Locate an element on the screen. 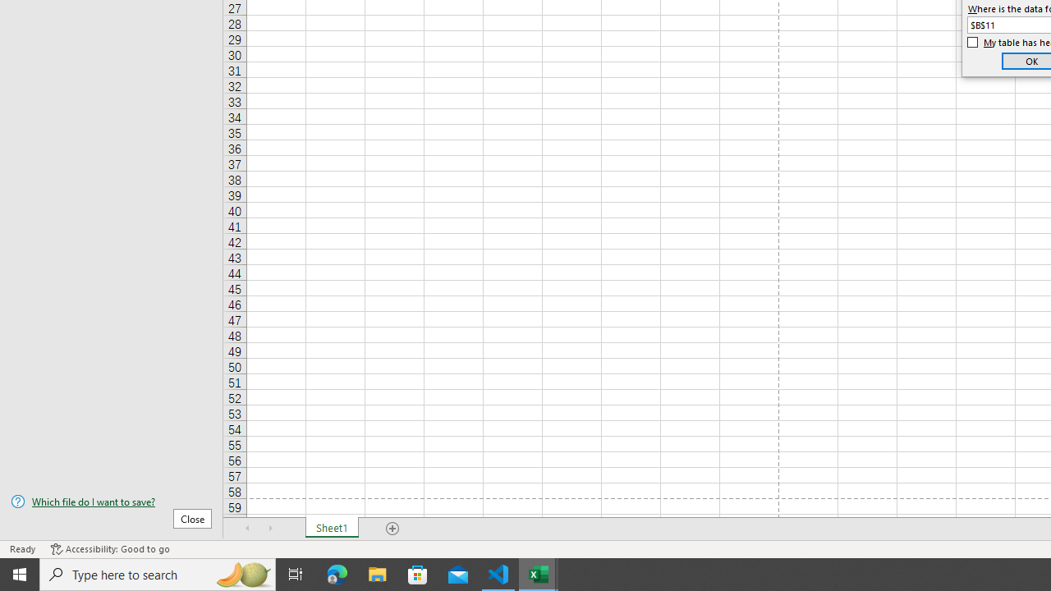 This screenshot has width=1051, height=591. 'Add Sheet' is located at coordinates (392, 529).